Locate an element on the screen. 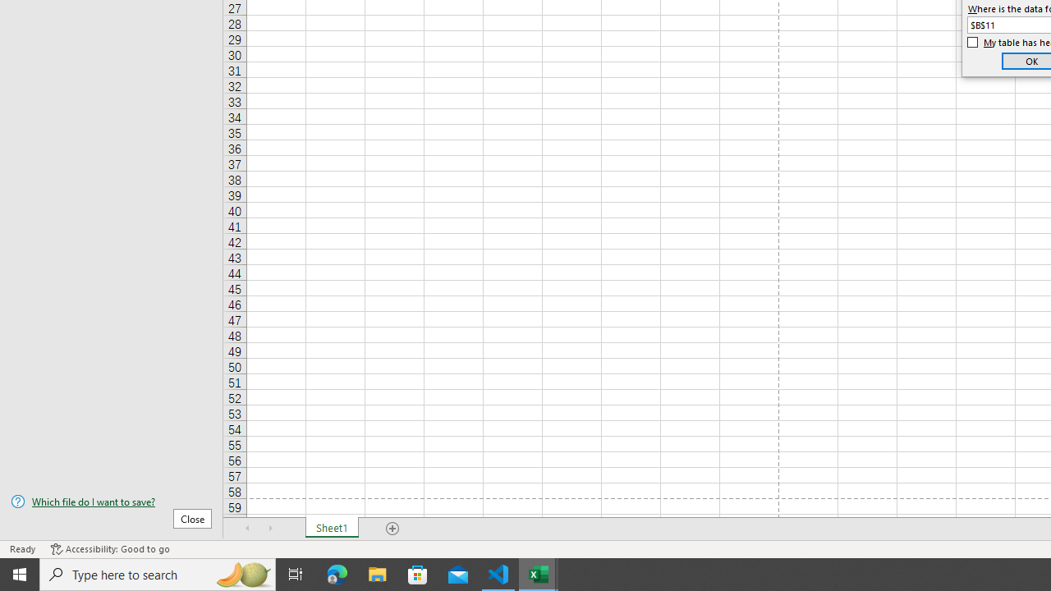 This screenshot has width=1051, height=591. 'Add Sheet' is located at coordinates (392, 529).